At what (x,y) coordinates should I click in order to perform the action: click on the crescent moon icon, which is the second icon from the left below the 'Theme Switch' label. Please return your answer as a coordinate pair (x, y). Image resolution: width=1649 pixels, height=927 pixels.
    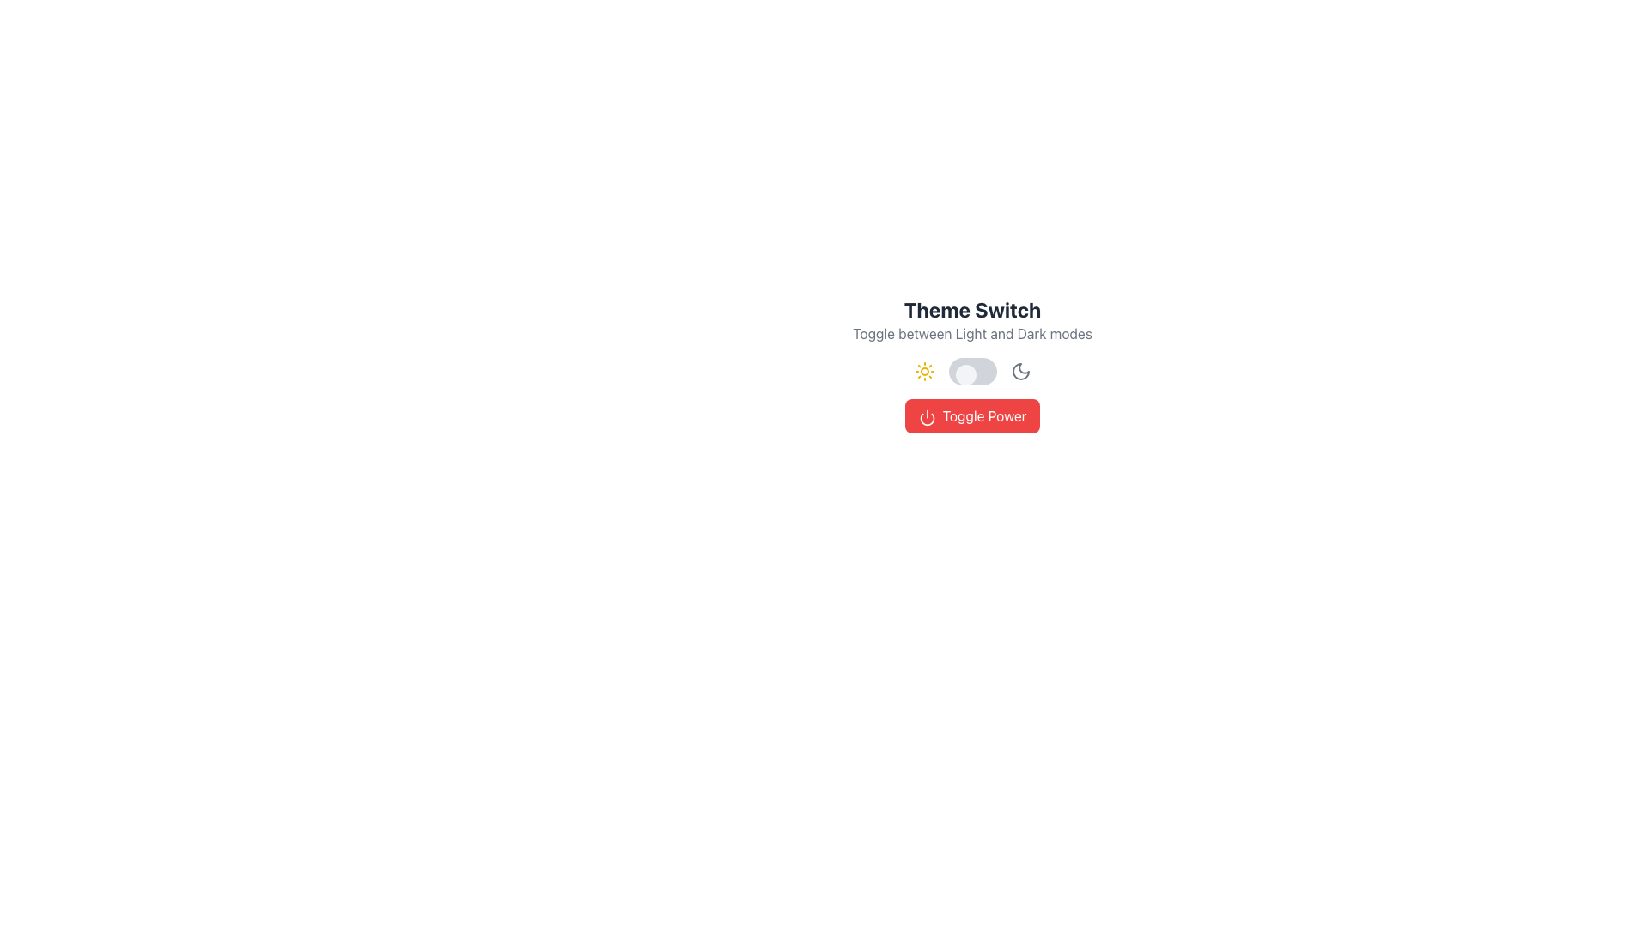
    Looking at the image, I should click on (1020, 370).